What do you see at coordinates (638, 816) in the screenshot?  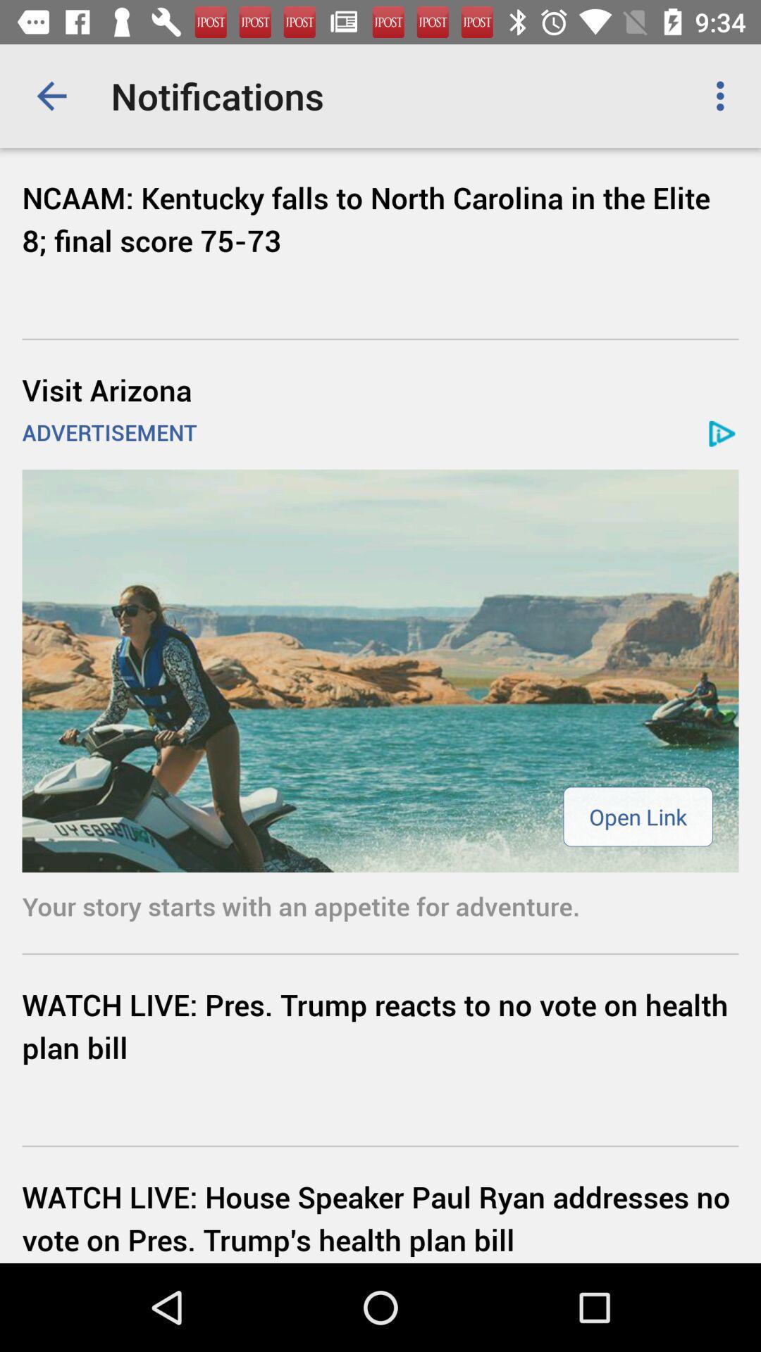 I see `the icon above your story starts icon` at bounding box center [638, 816].